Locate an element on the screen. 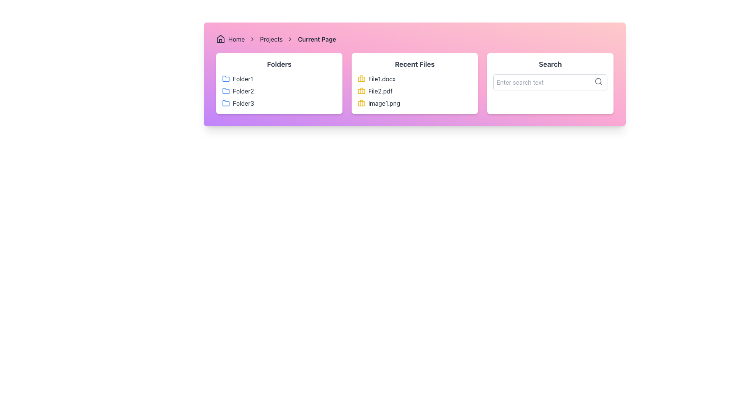 This screenshot has width=733, height=412. the folder item labeled 'Folder1' is located at coordinates (279, 79).